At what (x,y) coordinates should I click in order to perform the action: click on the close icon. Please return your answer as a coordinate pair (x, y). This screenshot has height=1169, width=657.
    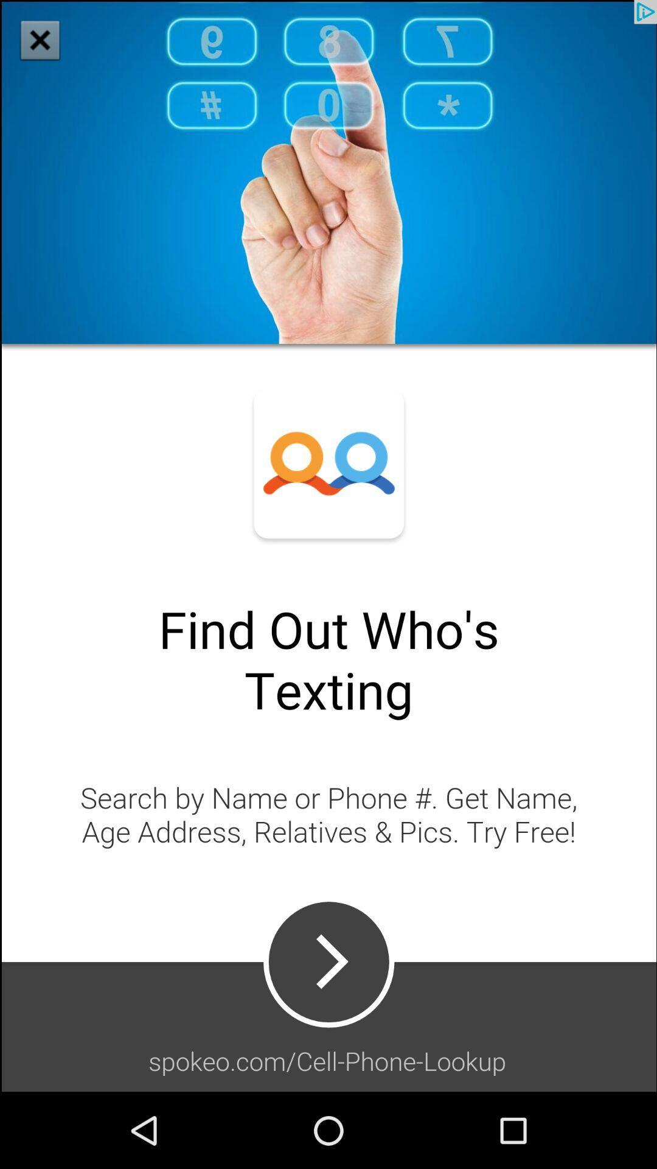
    Looking at the image, I should click on (39, 43).